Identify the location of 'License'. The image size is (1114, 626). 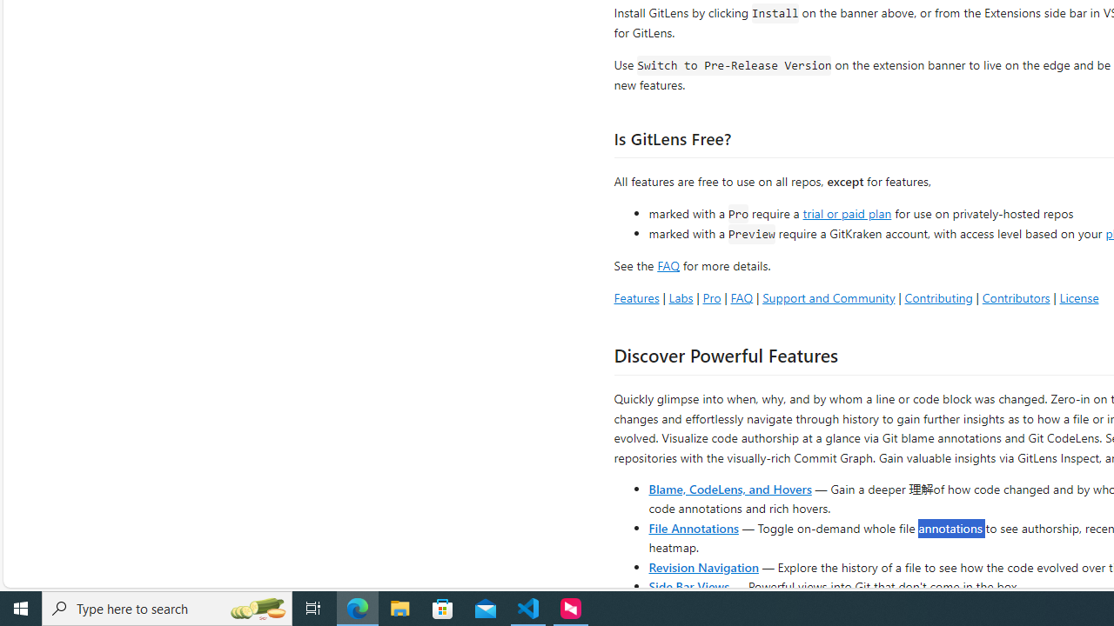
(1078, 296).